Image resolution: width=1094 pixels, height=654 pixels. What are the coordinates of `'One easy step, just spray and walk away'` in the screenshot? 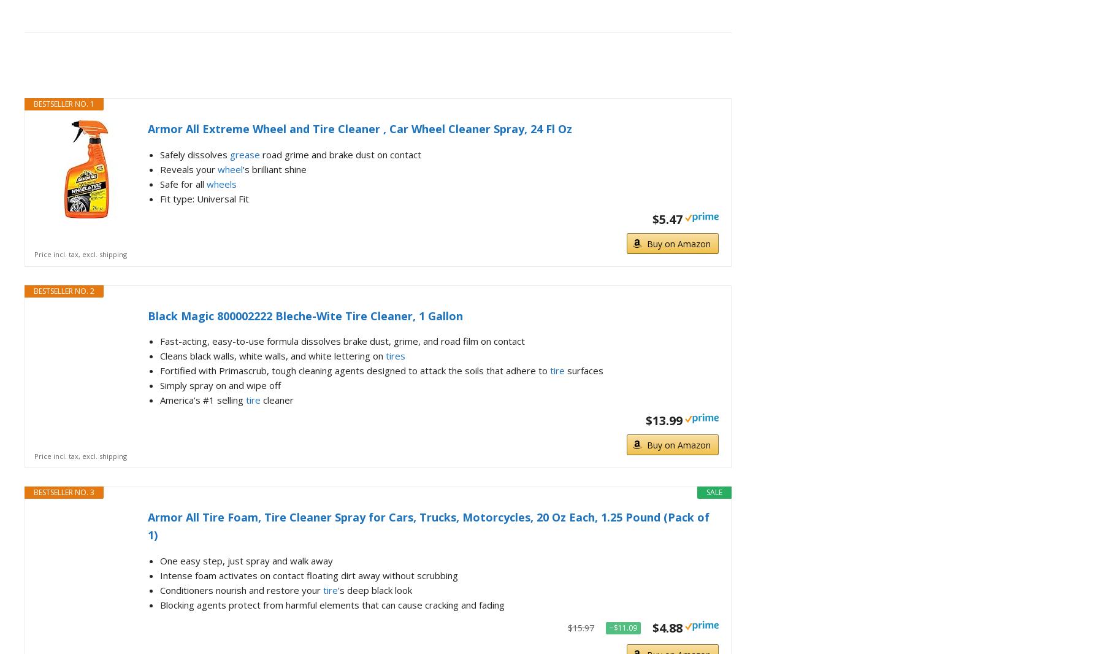 It's located at (245, 560).